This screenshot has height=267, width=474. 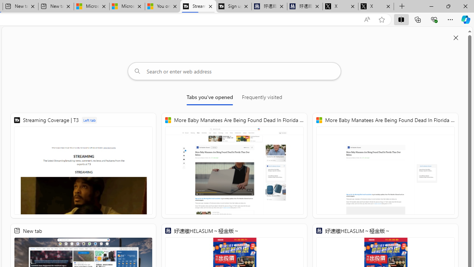 What do you see at coordinates (465, 19) in the screenshot?
I see `'Copilot (Ctrl+Shift+.)'` at bounding box center [465, 19].